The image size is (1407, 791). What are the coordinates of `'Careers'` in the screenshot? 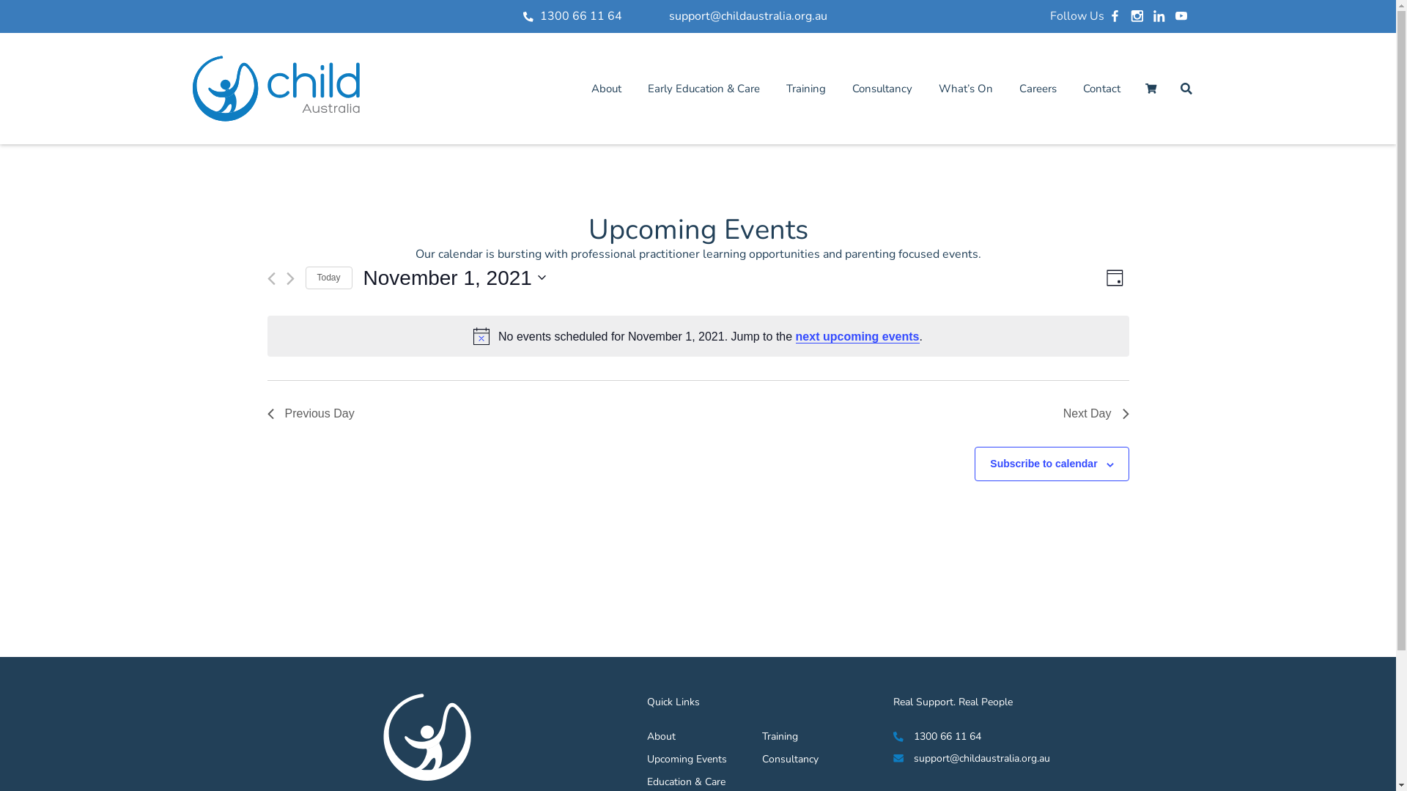 It's located at (1036, 88).